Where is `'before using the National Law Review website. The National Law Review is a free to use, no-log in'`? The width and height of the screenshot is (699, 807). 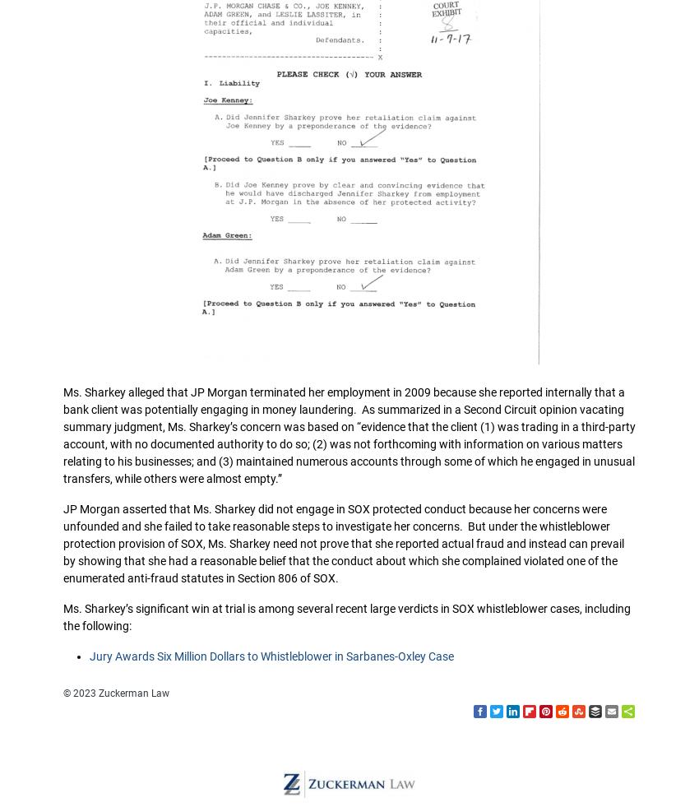
'before using the National Law Review website. The National Law Review is a free to use, no-log in' is located at coordinates (344, 560).